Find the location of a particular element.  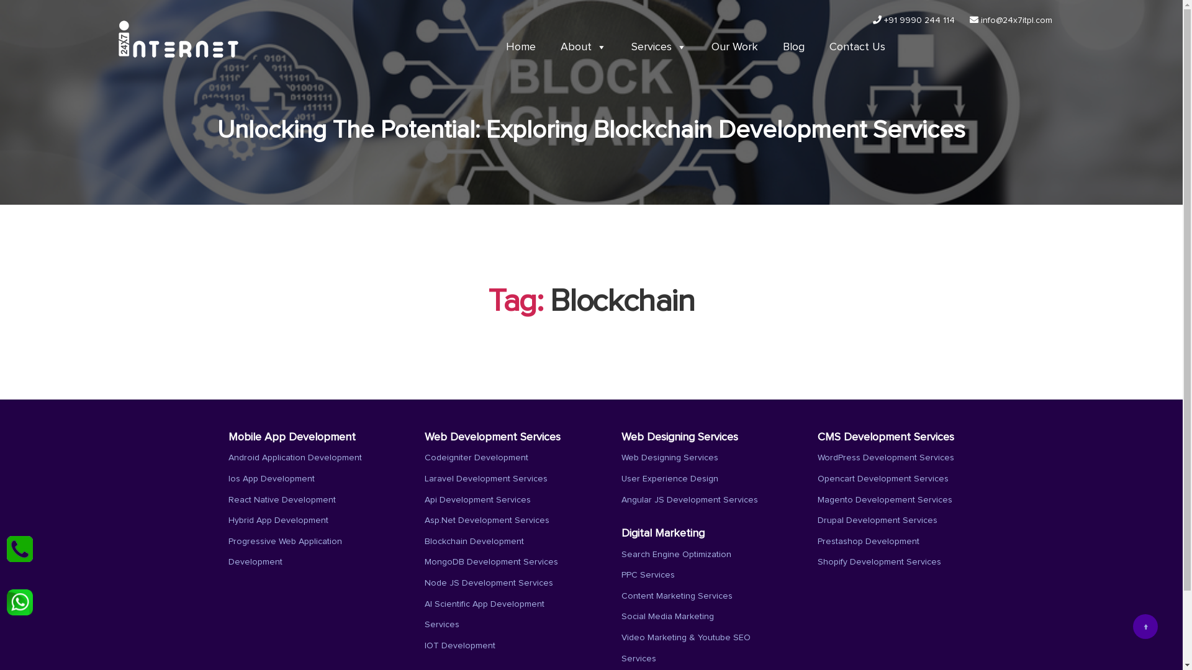

'Blog' is located at coordinates (792, 47).